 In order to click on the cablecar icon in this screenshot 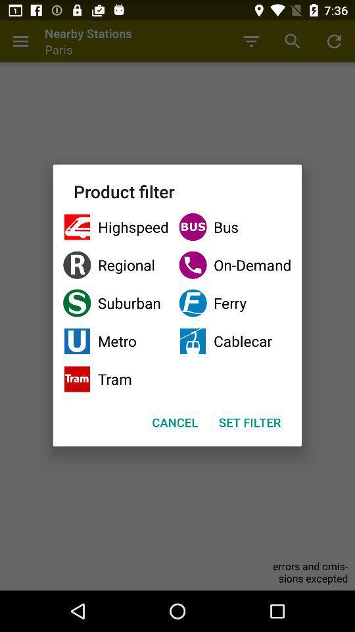, I will do `click(234, 340)`.